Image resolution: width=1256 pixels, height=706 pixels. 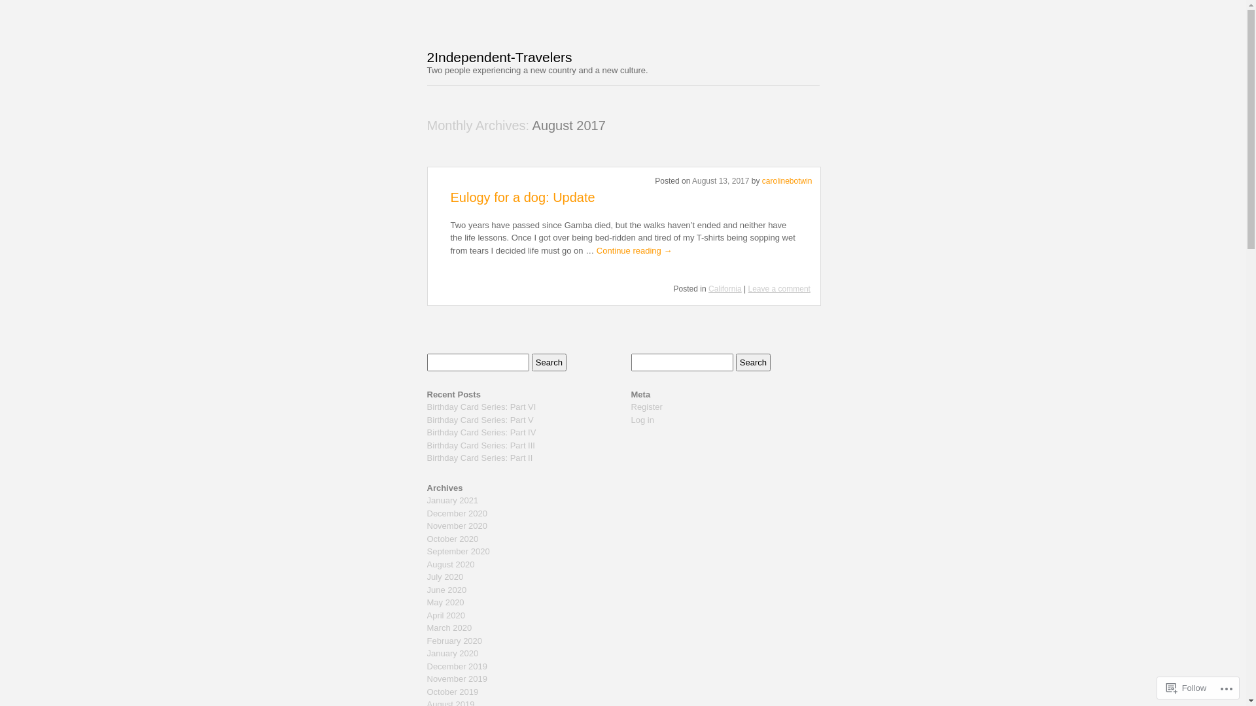 I want to click on 'Birthday Card Series: Part III', so click(x=480, y=445).